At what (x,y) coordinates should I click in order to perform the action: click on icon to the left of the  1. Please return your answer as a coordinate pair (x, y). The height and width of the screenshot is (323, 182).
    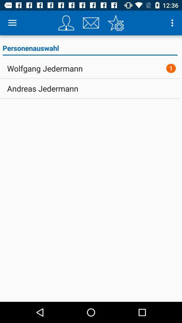
    Looking at the image, I should click on (45, 68).